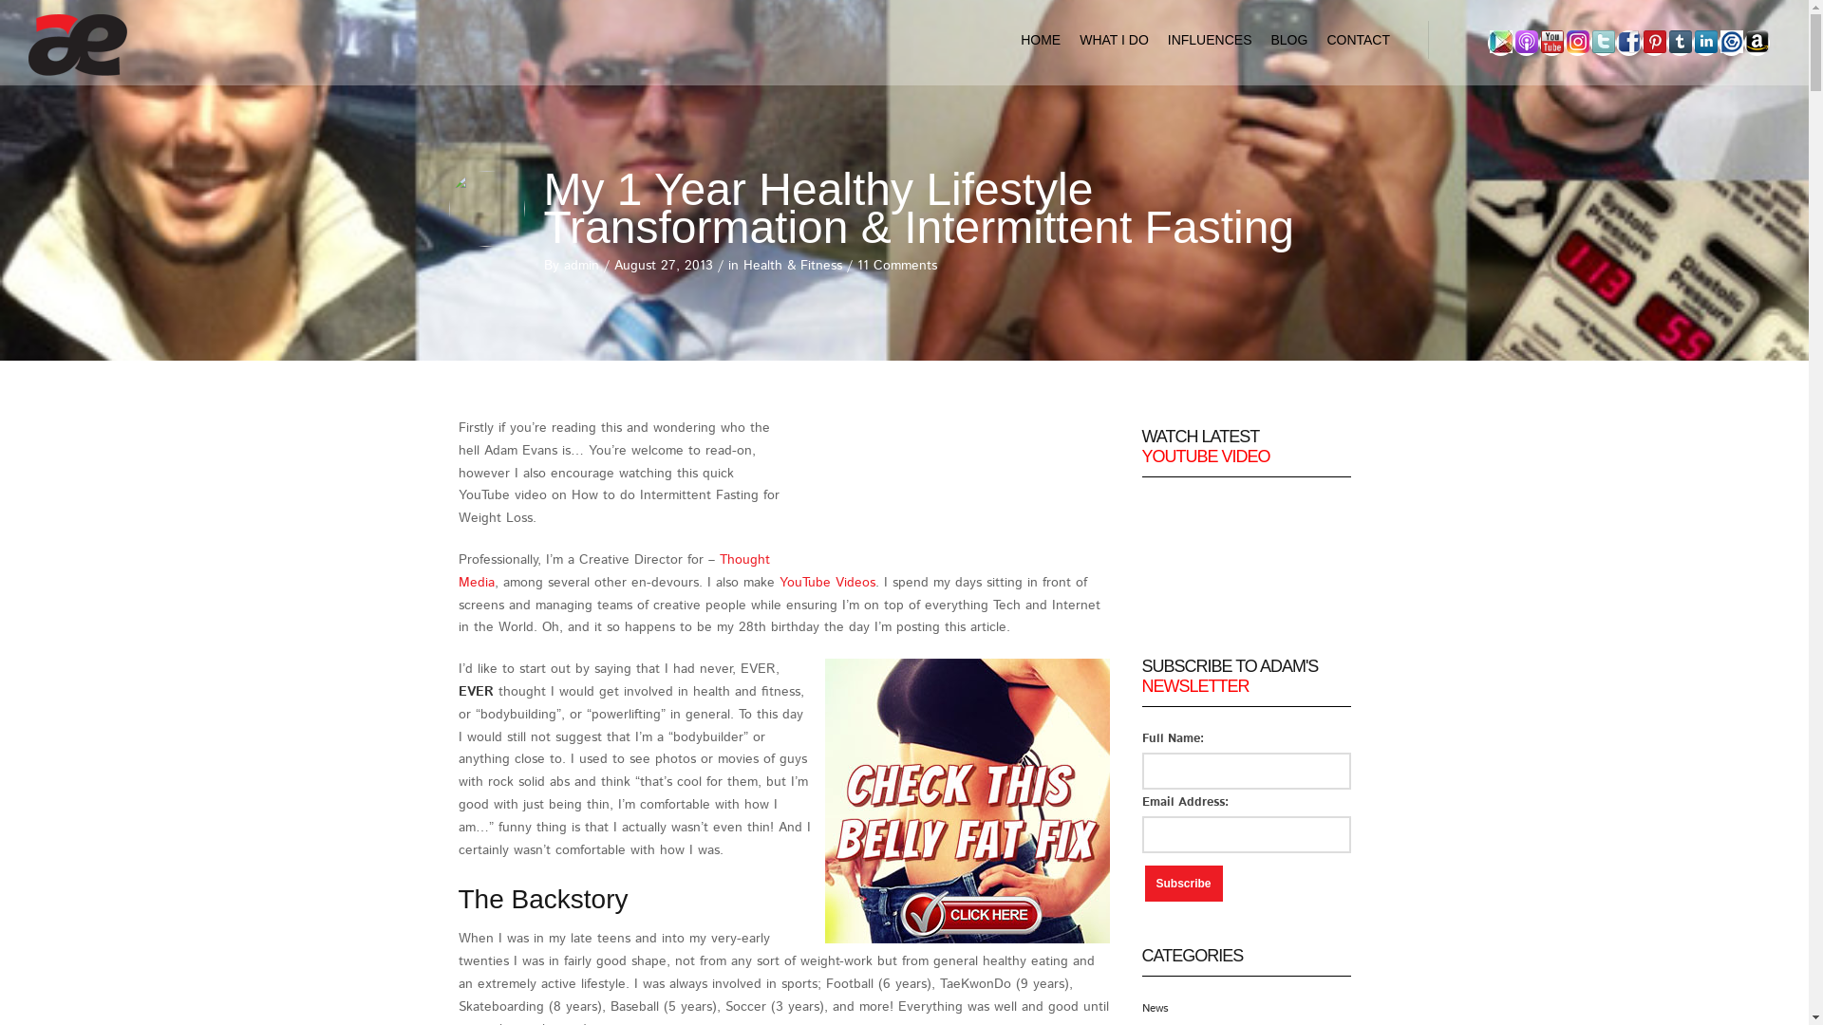  What do you see at coordinates (1209, 40) in the screenshot?
I see `'INFLUENCES'` at bounding box center [1209, 40].